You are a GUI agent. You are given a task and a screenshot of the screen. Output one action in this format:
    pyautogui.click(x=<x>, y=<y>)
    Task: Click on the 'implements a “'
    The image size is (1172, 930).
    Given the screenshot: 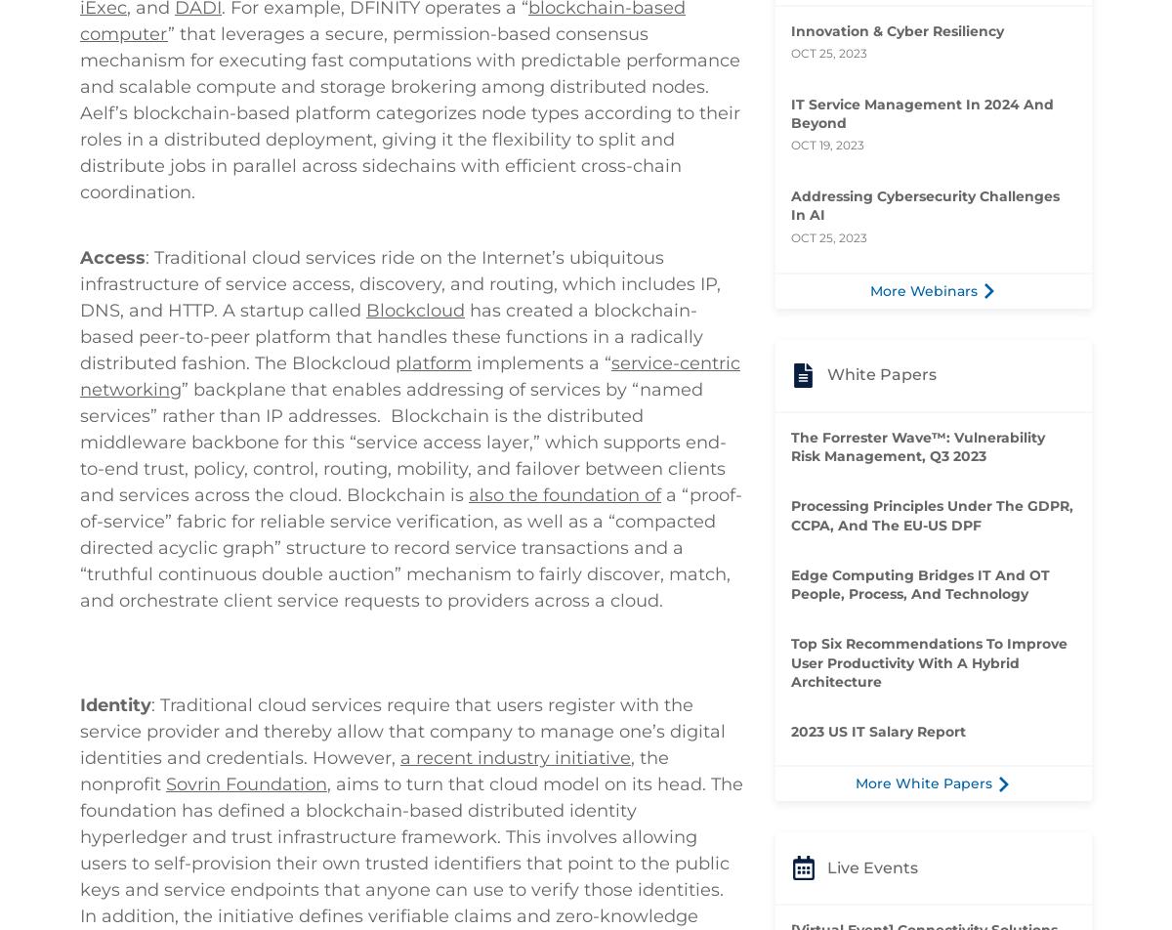 What is the action you would take?
    pyautogui.click(x=540, y=550)
    